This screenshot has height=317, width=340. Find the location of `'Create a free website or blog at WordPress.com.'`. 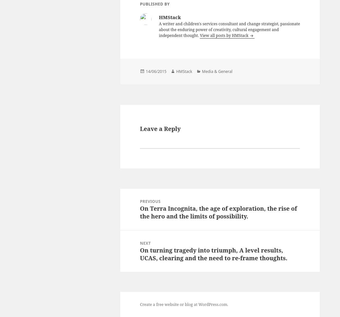

'Create a free website or blog at WordPress.com.' is located at coordinates (184, 304).